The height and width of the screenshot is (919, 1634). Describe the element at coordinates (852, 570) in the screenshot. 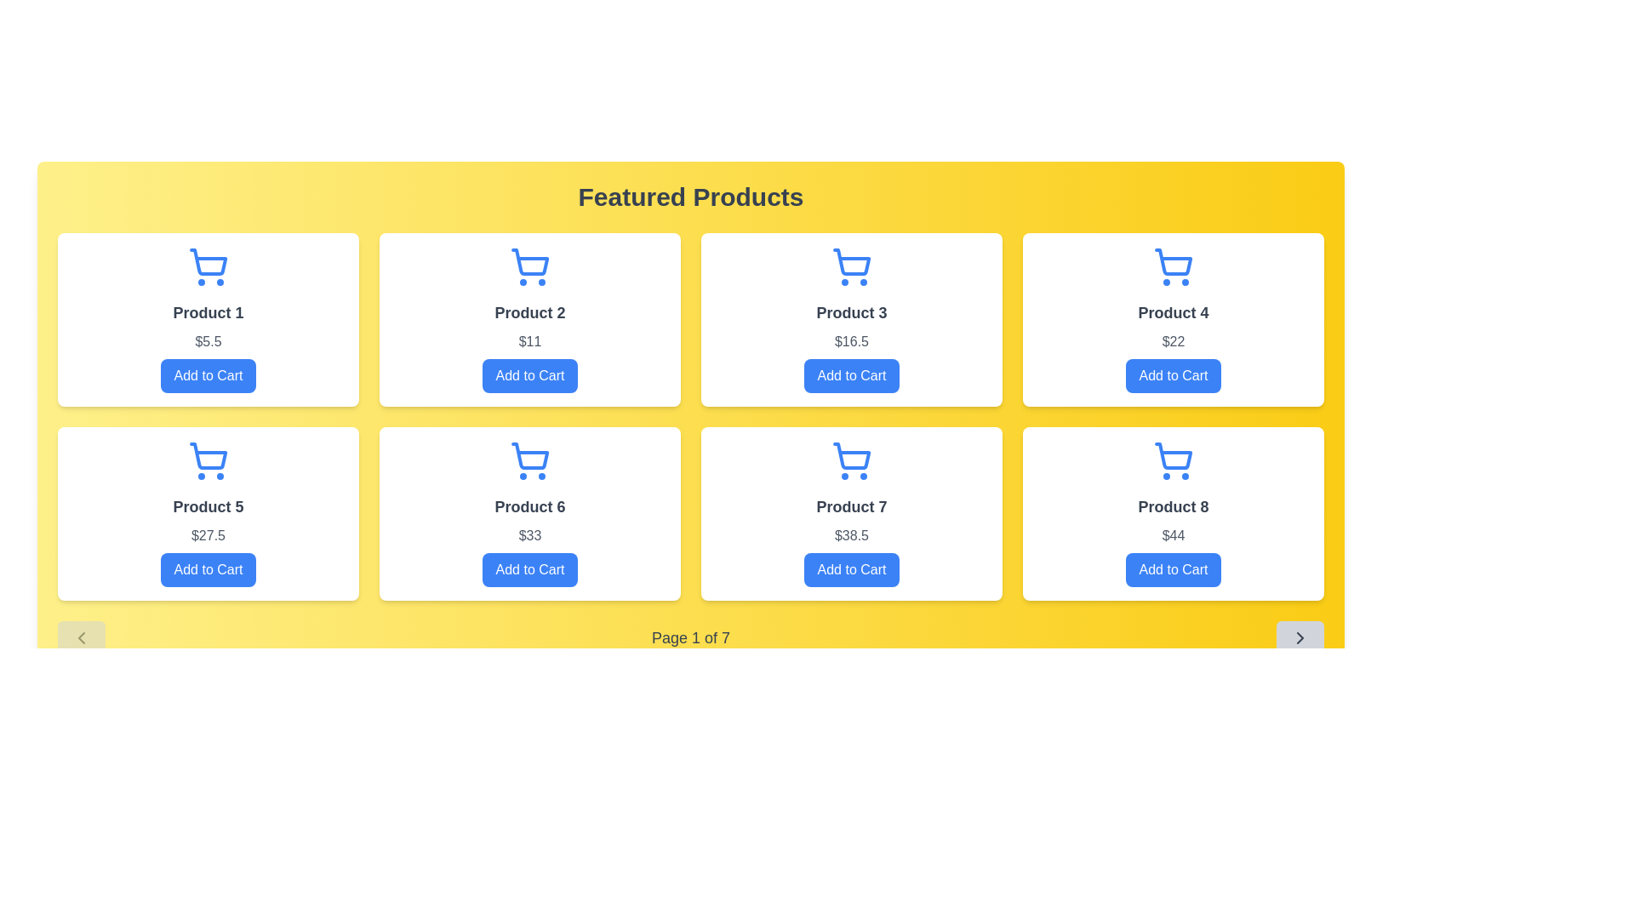

I see `the 'Add to Cart' button with a blue background and white text` at that location.